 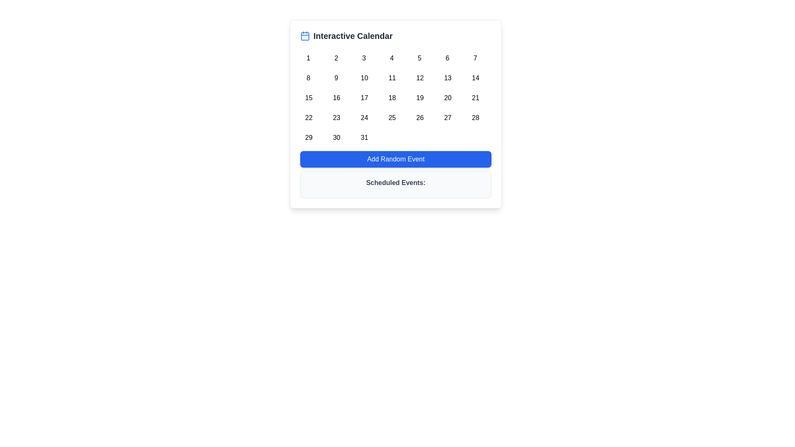 I want to click on the button representing the 18th day in the calendar, so click(x=391, y=96).